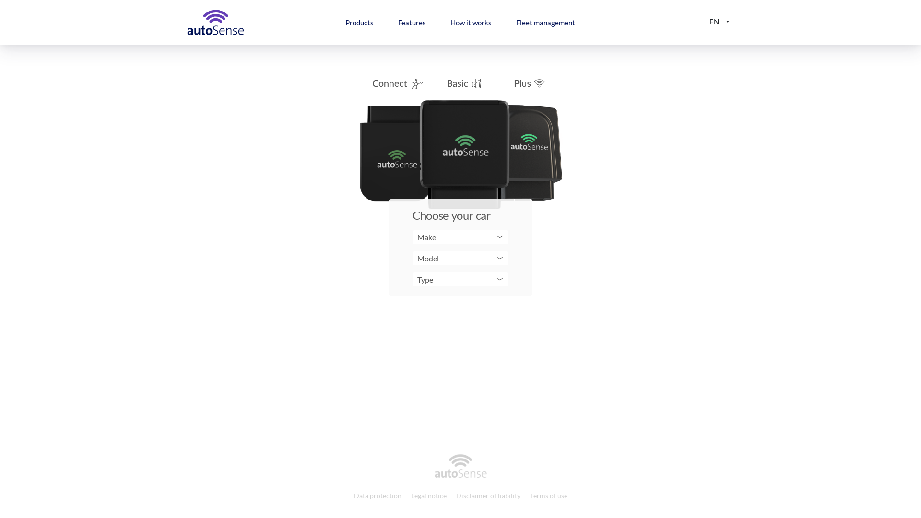 The height and width of the screenshot is (518, 921). I want to click on 'Fleet management', so click(545, 22).